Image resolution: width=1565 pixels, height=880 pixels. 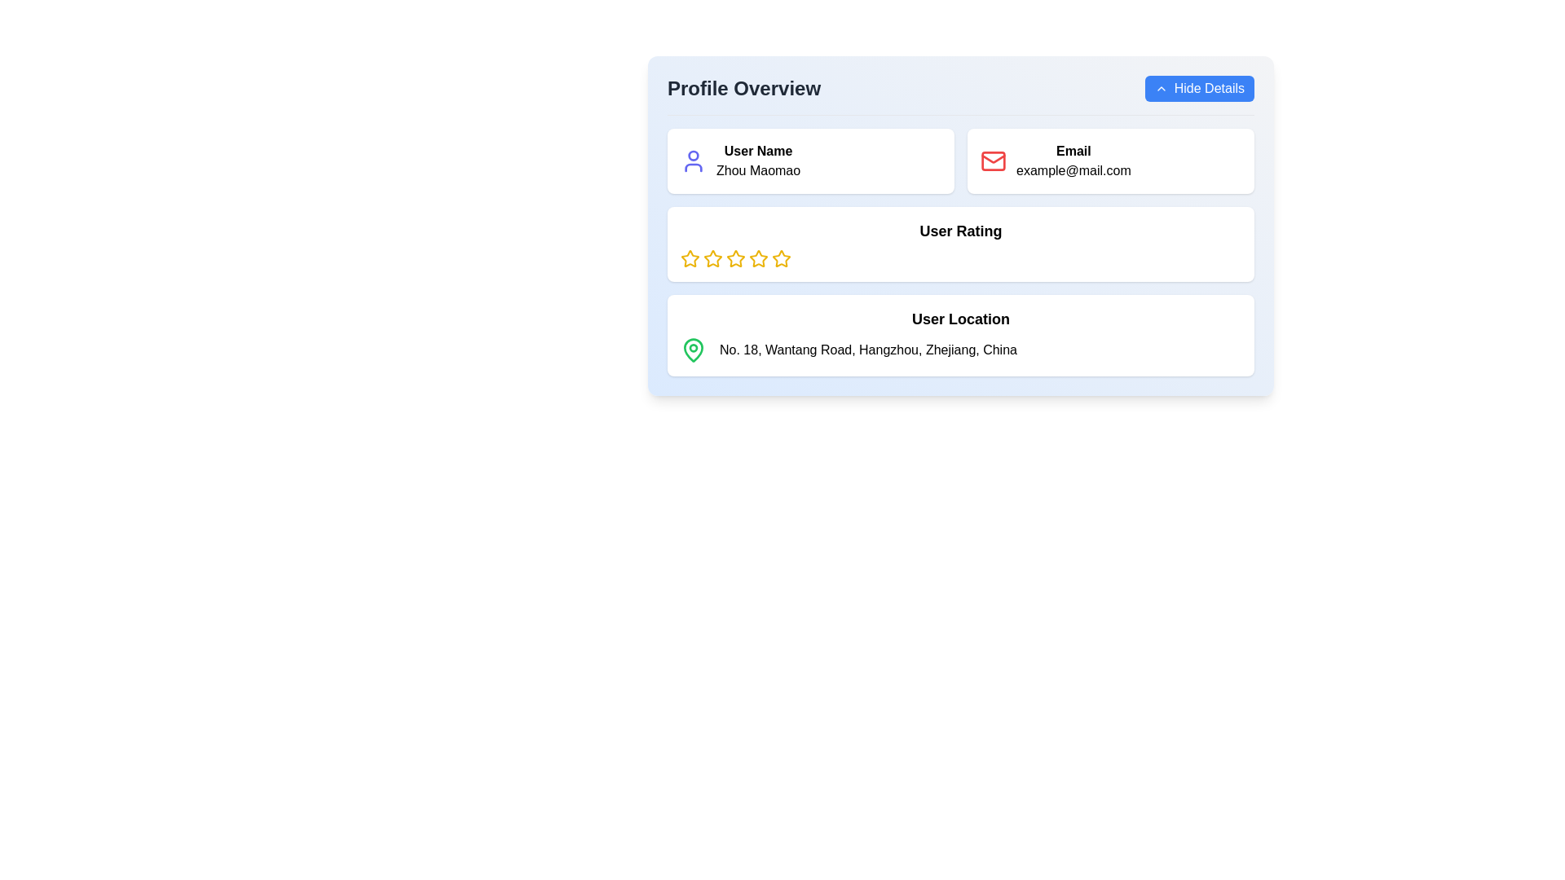 I want to click on name displayed in the 'User Name' text display located in the top-left corner of the Profile Overview panel, adjacent to the user icon, so click(x=757, y=161).